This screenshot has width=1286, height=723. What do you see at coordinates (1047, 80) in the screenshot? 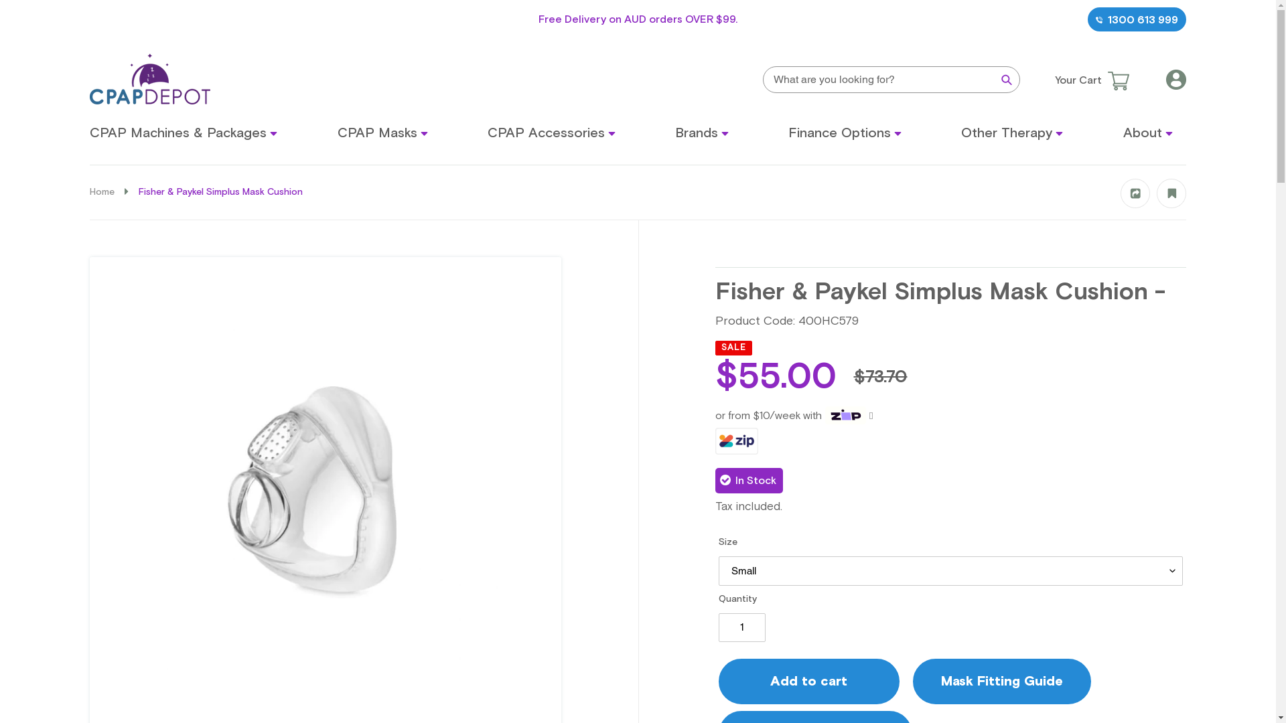
I see `'Your Cart'` at bounding box center [1047, 80].